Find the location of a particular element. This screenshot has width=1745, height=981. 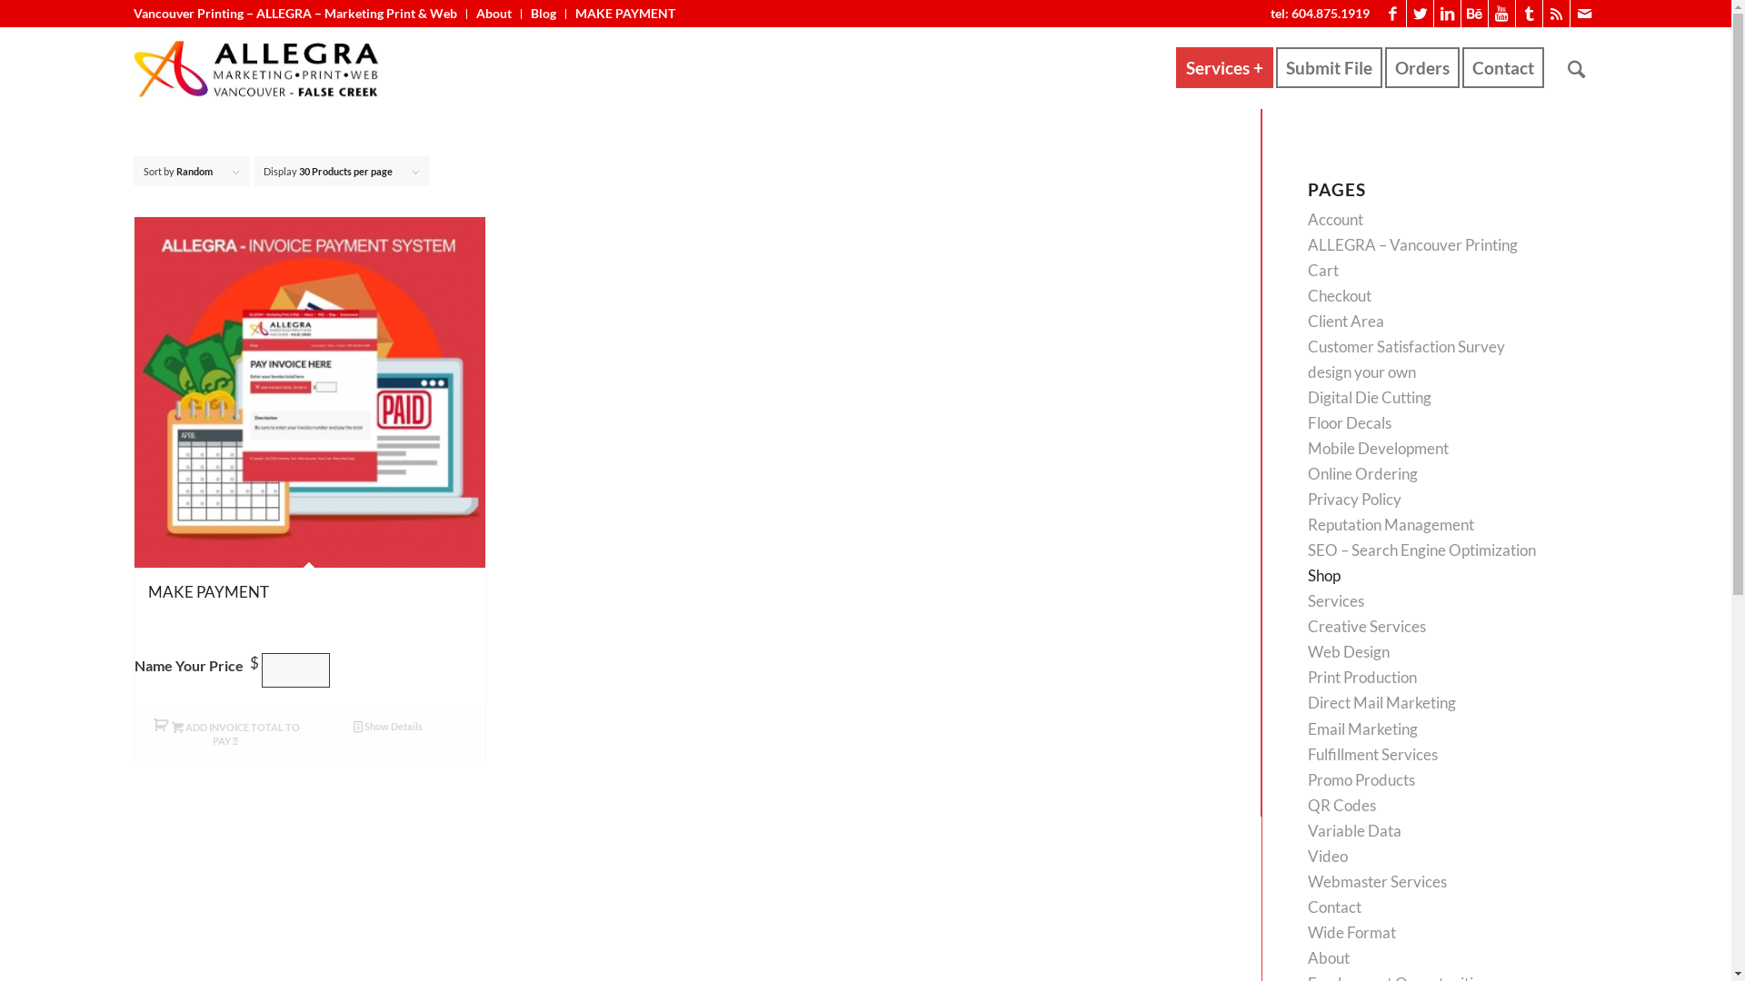

'Submit File' is located at coordinates (1334, 66).